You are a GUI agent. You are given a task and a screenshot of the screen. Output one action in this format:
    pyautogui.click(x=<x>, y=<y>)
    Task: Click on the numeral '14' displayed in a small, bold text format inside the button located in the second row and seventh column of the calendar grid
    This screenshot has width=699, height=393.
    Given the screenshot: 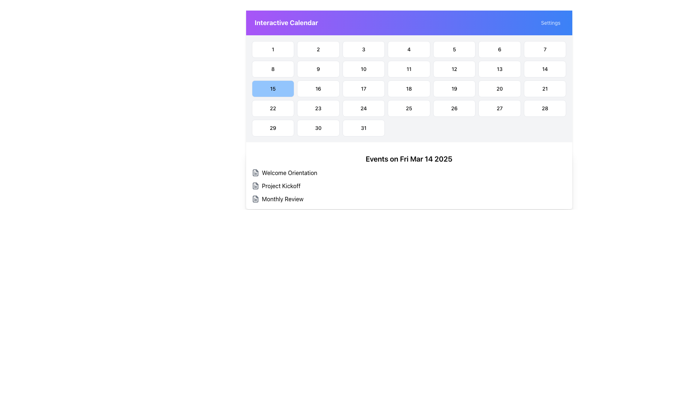 What is the action you would take?
    pyautogui.click(x=545, y=69)
    